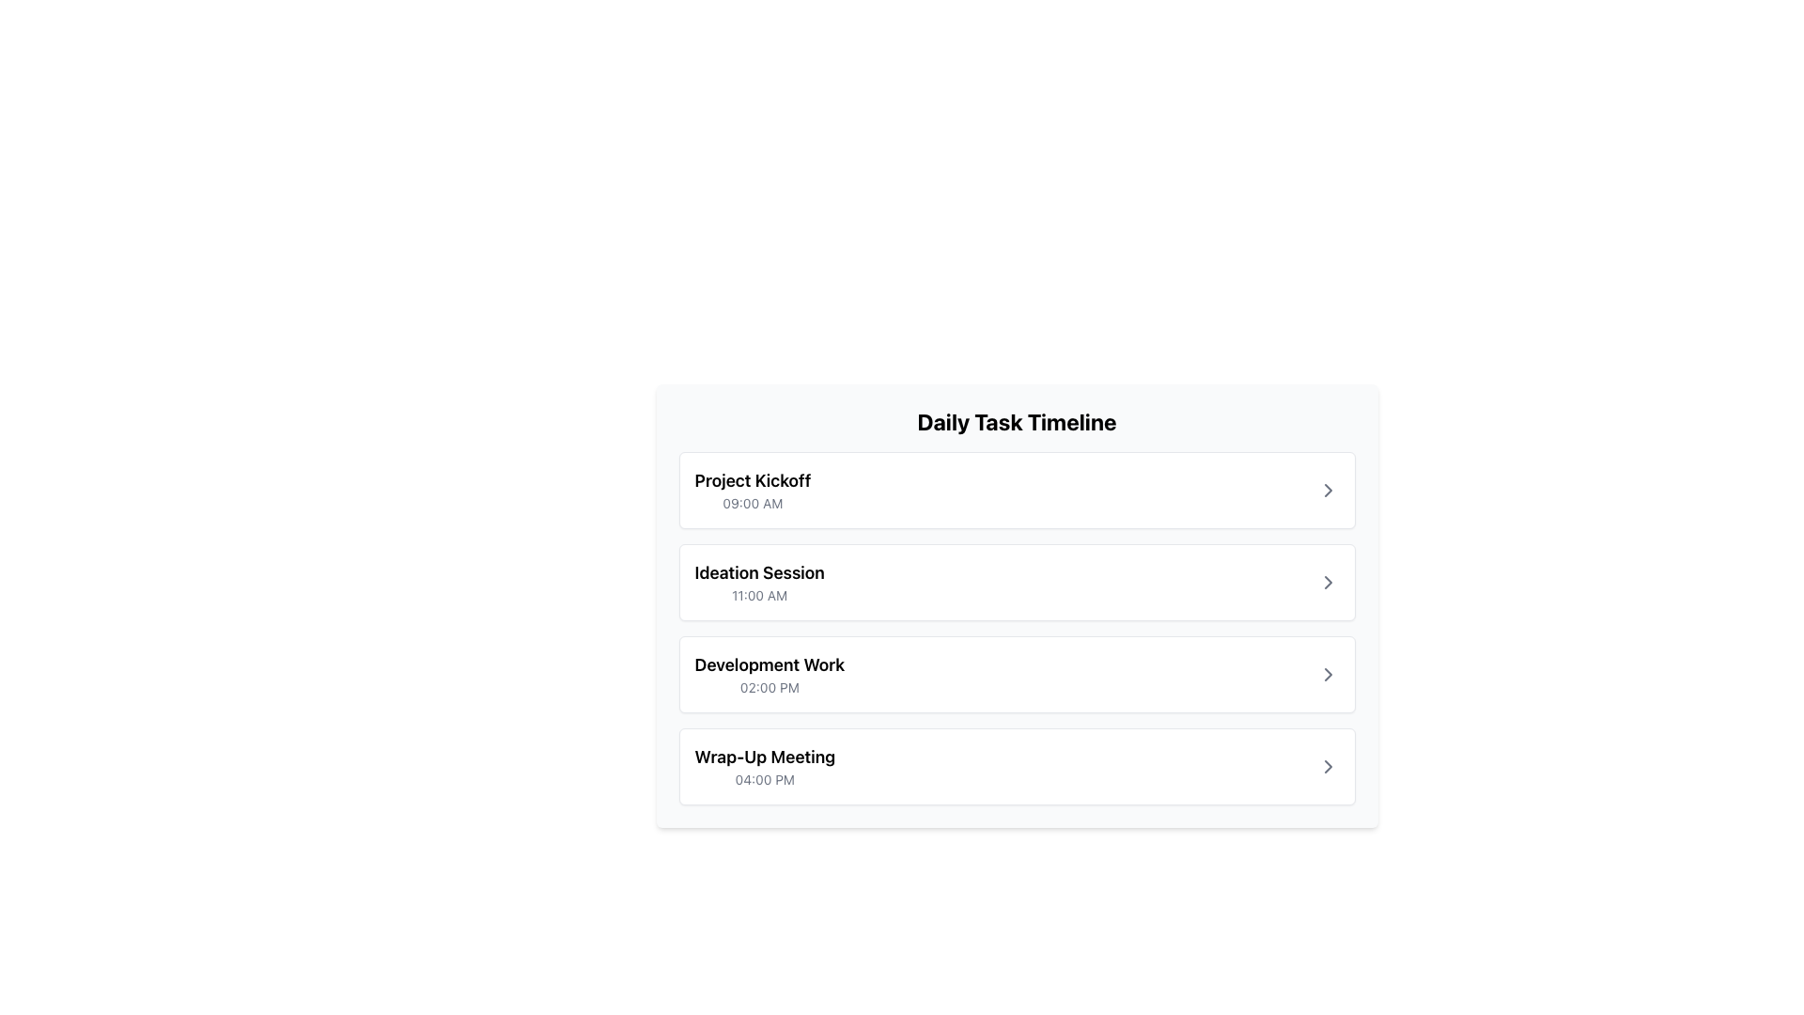 This screenshot has height=1015, width=1804. Describe the element at coordinates (1327, 582) in the screenshot. I see `the small right-pointing chevron arrow icon located in the rightmost portion of the 'Daily Task Timeline' list, specifically aligned with the 'Ideation Session' entry` at that location.